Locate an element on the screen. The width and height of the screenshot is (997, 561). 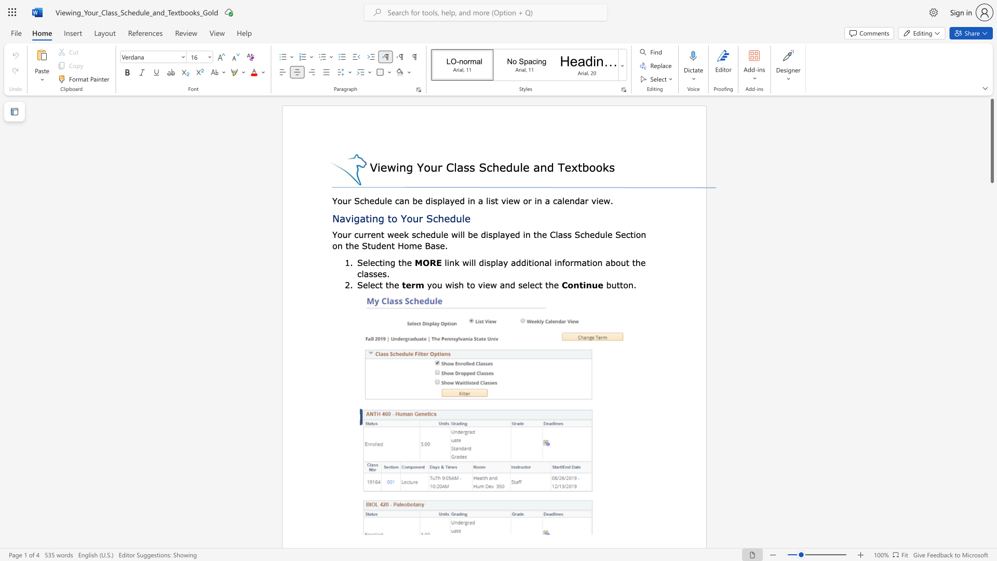
the scrollbar on the right to move the page downward is located at coordinates (991, 311).